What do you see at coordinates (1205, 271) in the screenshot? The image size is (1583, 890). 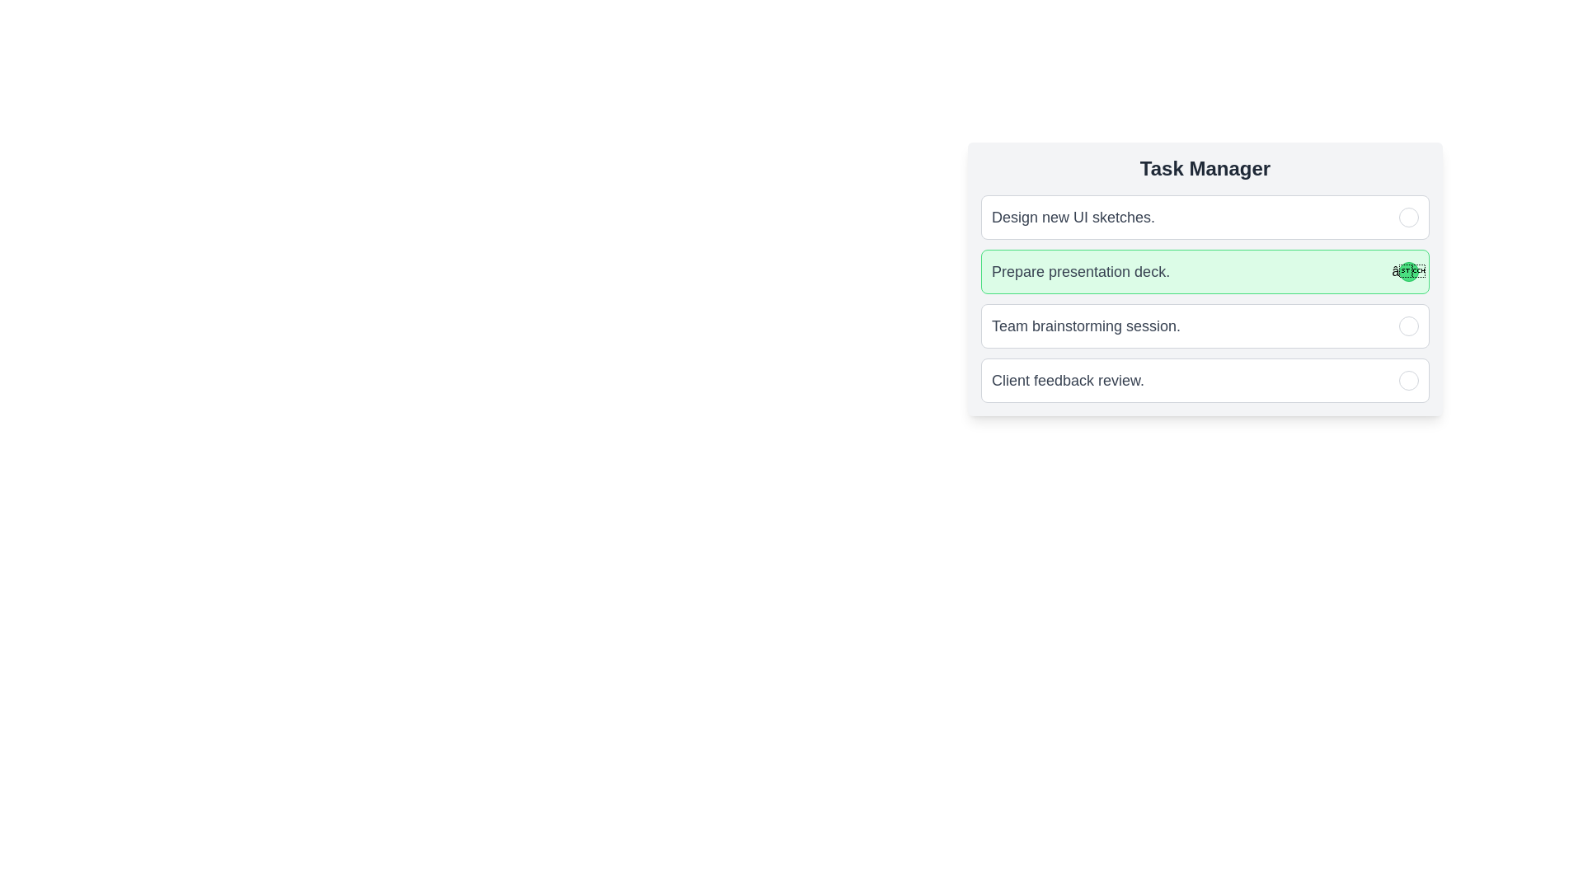 I see `the Task item with completion status displaying 'Prepare presentation deck.'` at bounding box center [1205, 271].